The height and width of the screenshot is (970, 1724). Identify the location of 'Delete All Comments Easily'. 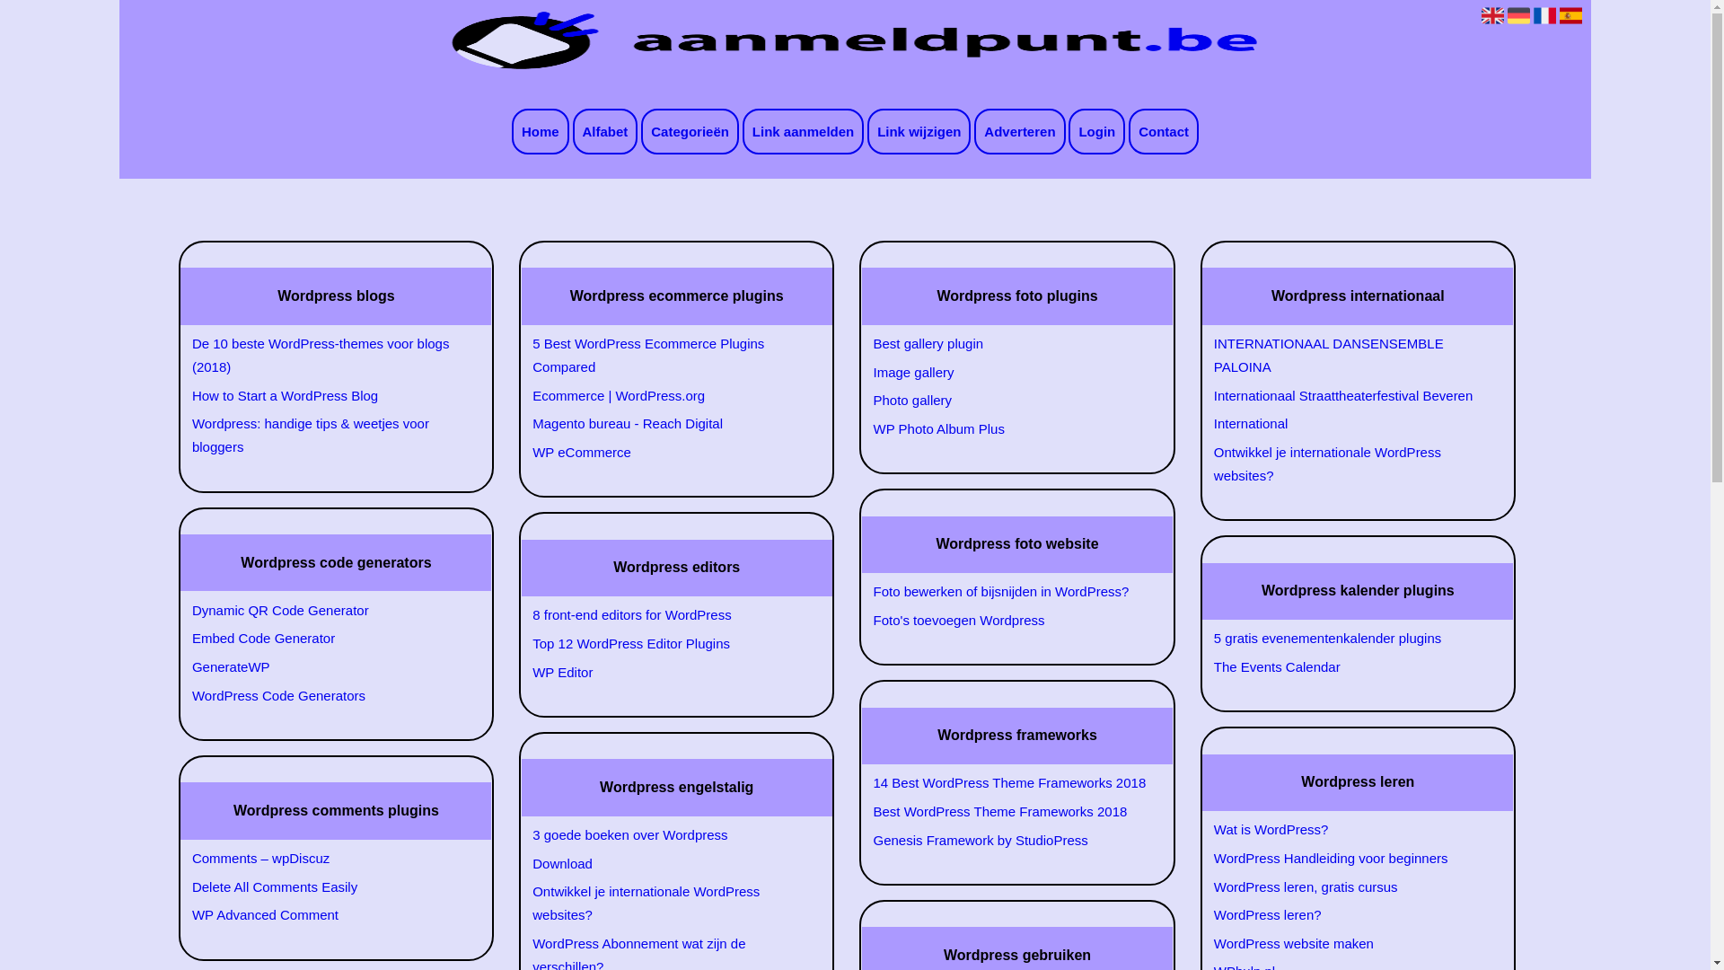
(326, 886).